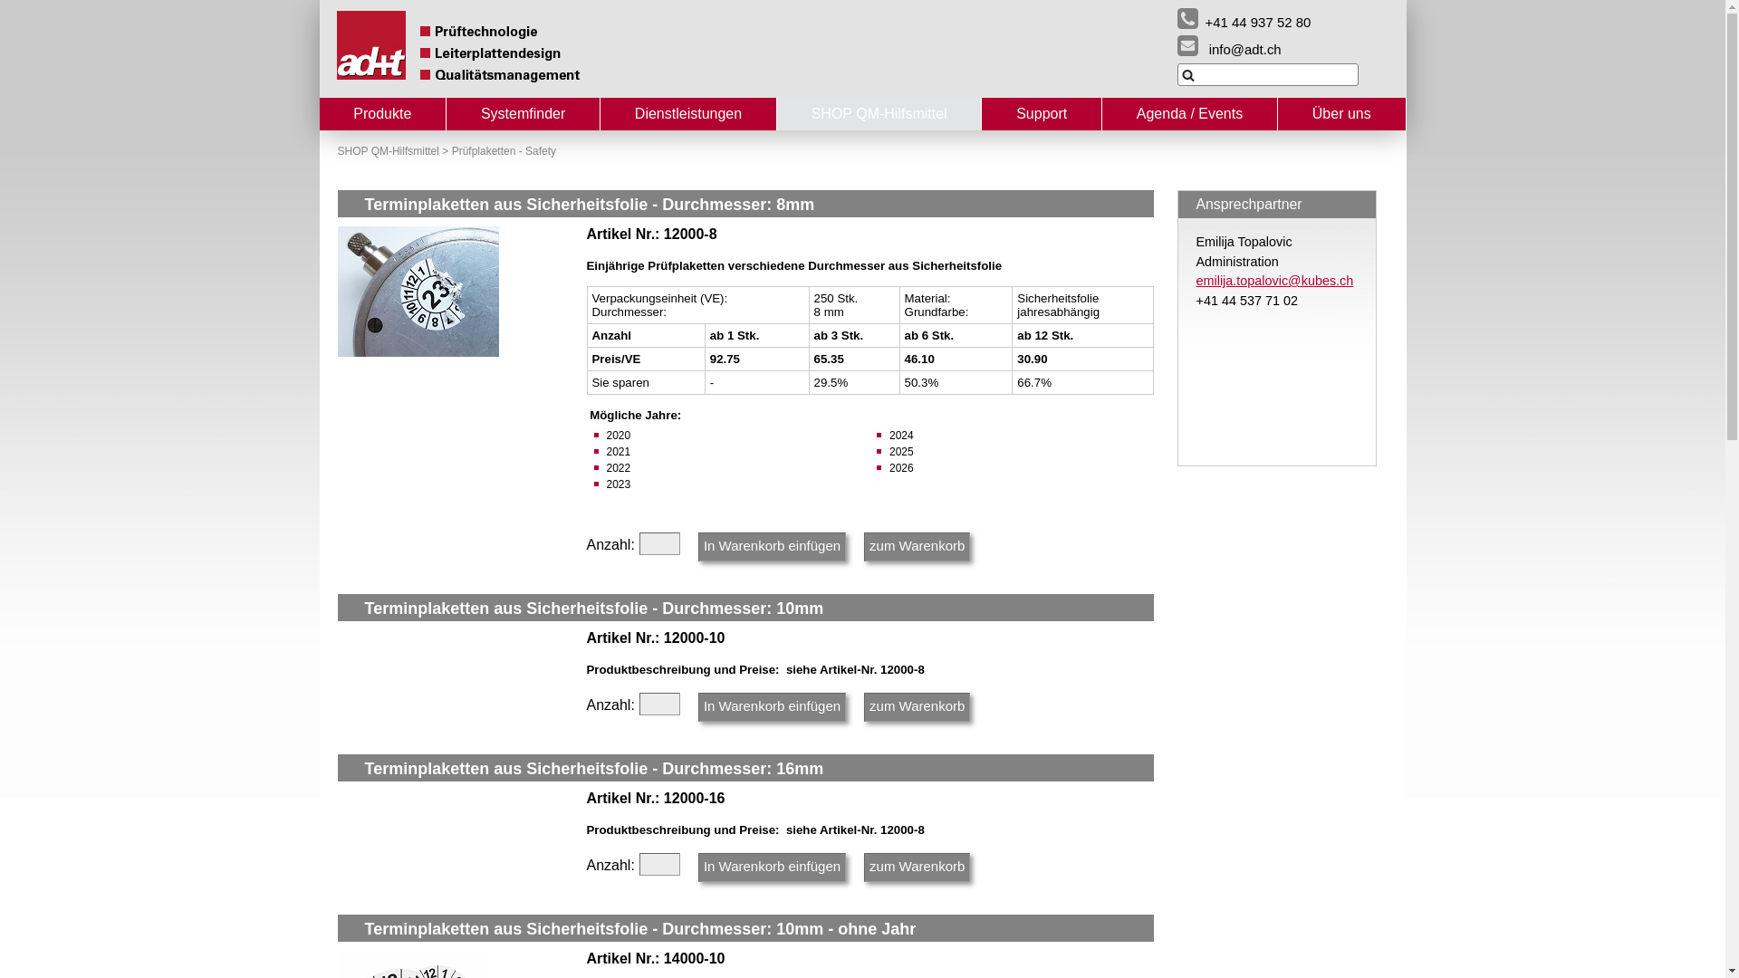  What do you see at coordinates (917, 866) in the screenshot?
I see `'zum Warenkorb'` at bounding box center [917, 866].